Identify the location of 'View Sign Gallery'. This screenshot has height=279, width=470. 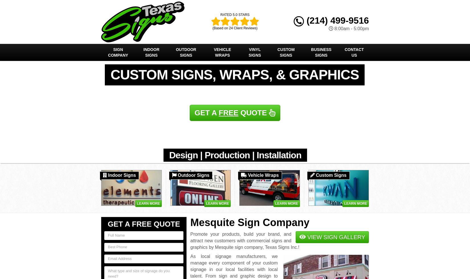
(335, 237).